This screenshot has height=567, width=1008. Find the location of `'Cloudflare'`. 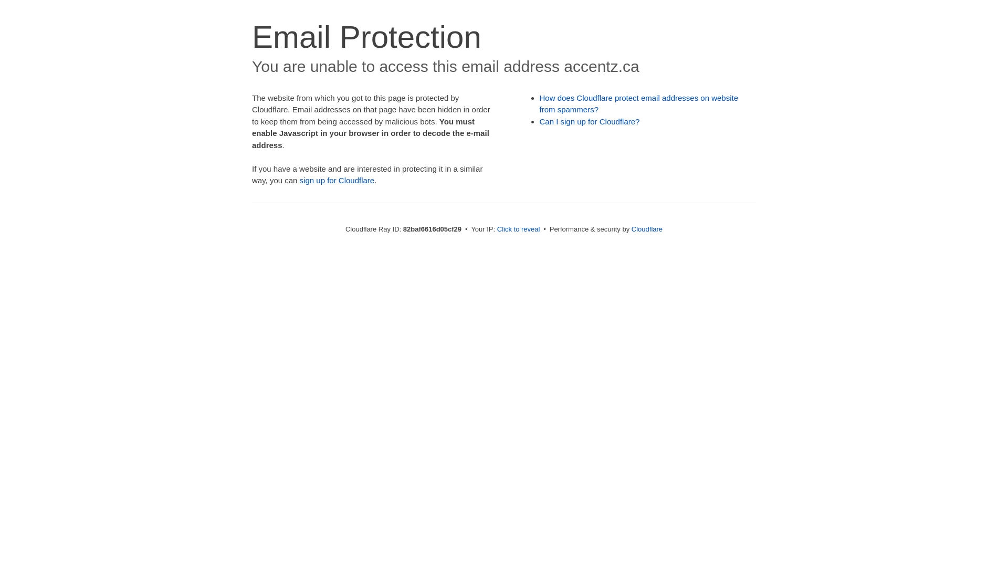

'Cloudflare' is located at coordinates (646, 228).